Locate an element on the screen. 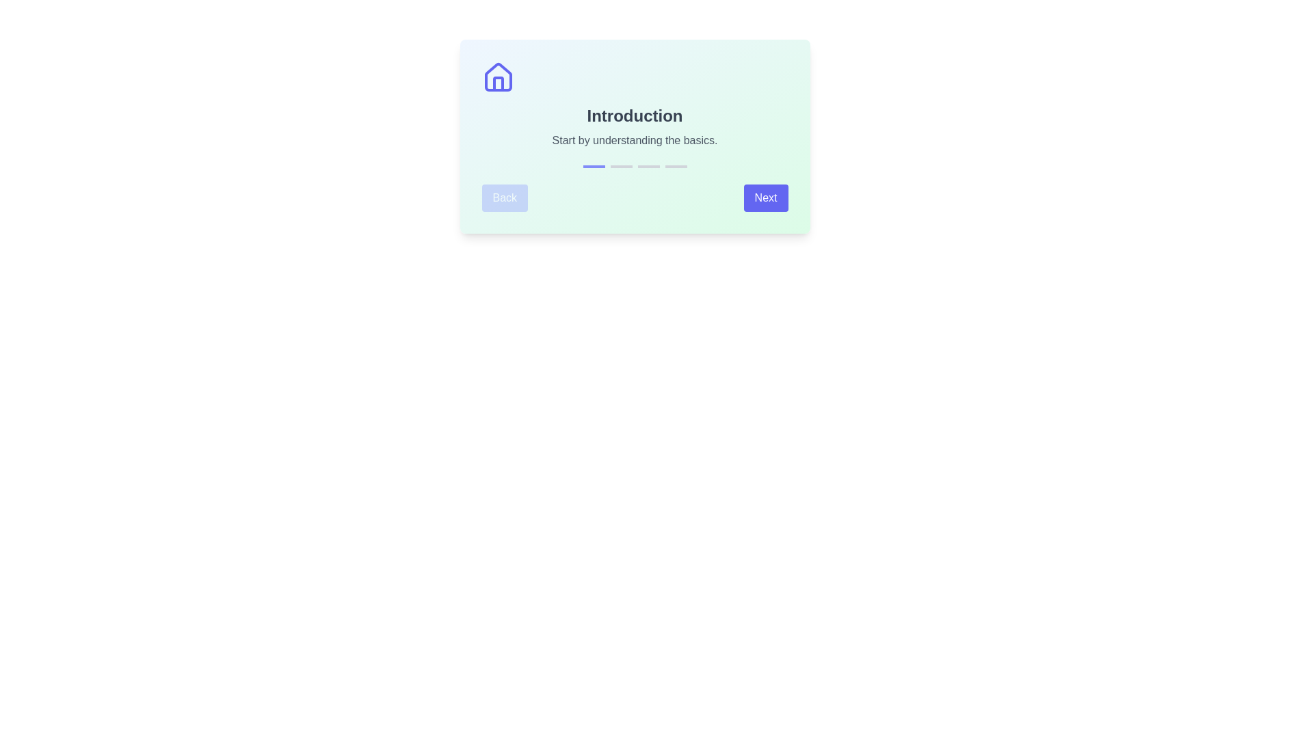  the 'Back' button to navigate to the previous step is located at coordinates (504, 197).